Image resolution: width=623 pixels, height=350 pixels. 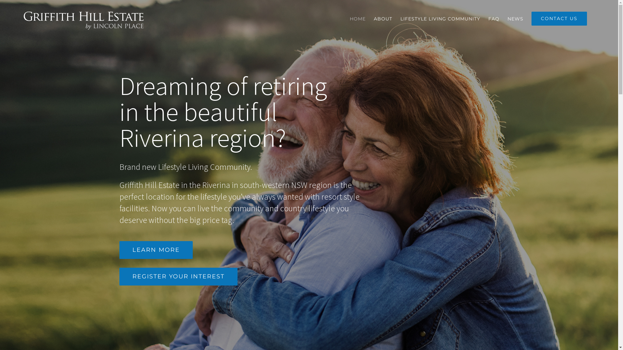 I want to click on 'NEWS', so click(x=507, y=18).